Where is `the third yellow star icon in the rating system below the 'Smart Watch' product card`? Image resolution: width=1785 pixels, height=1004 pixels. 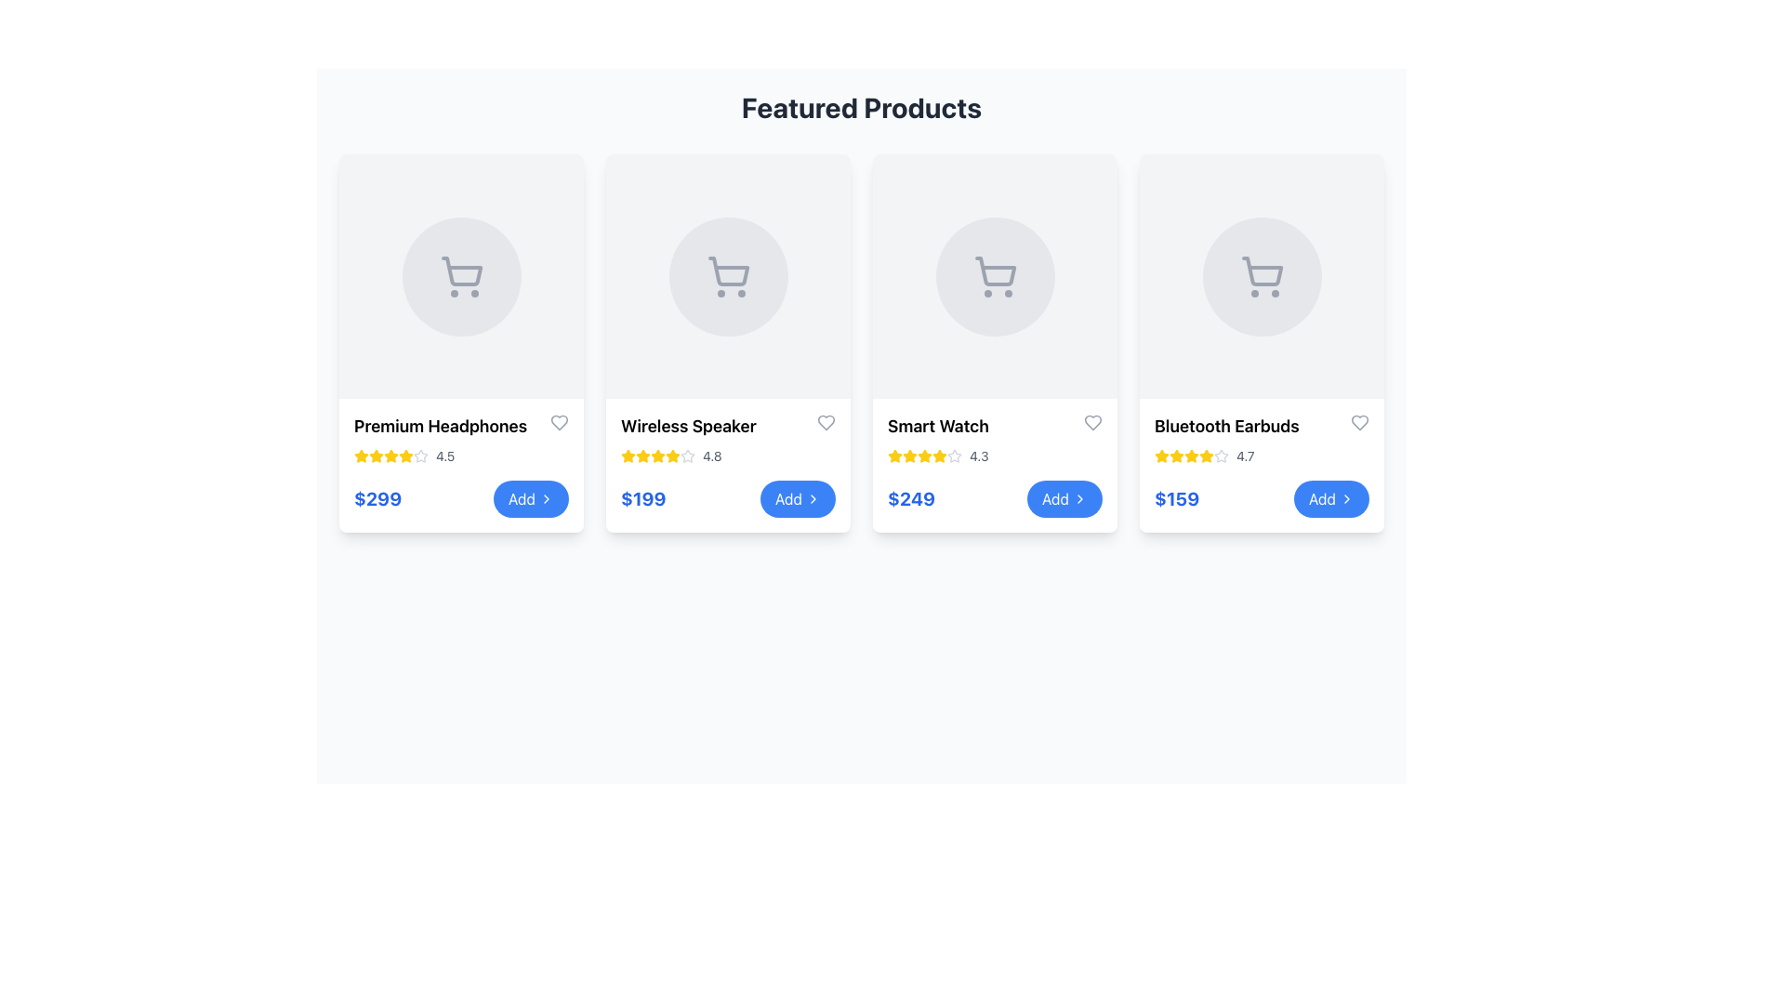
the third yellow star icon in the rating system below the 'Smart Watch' product card is located at coordinates (924, 456).